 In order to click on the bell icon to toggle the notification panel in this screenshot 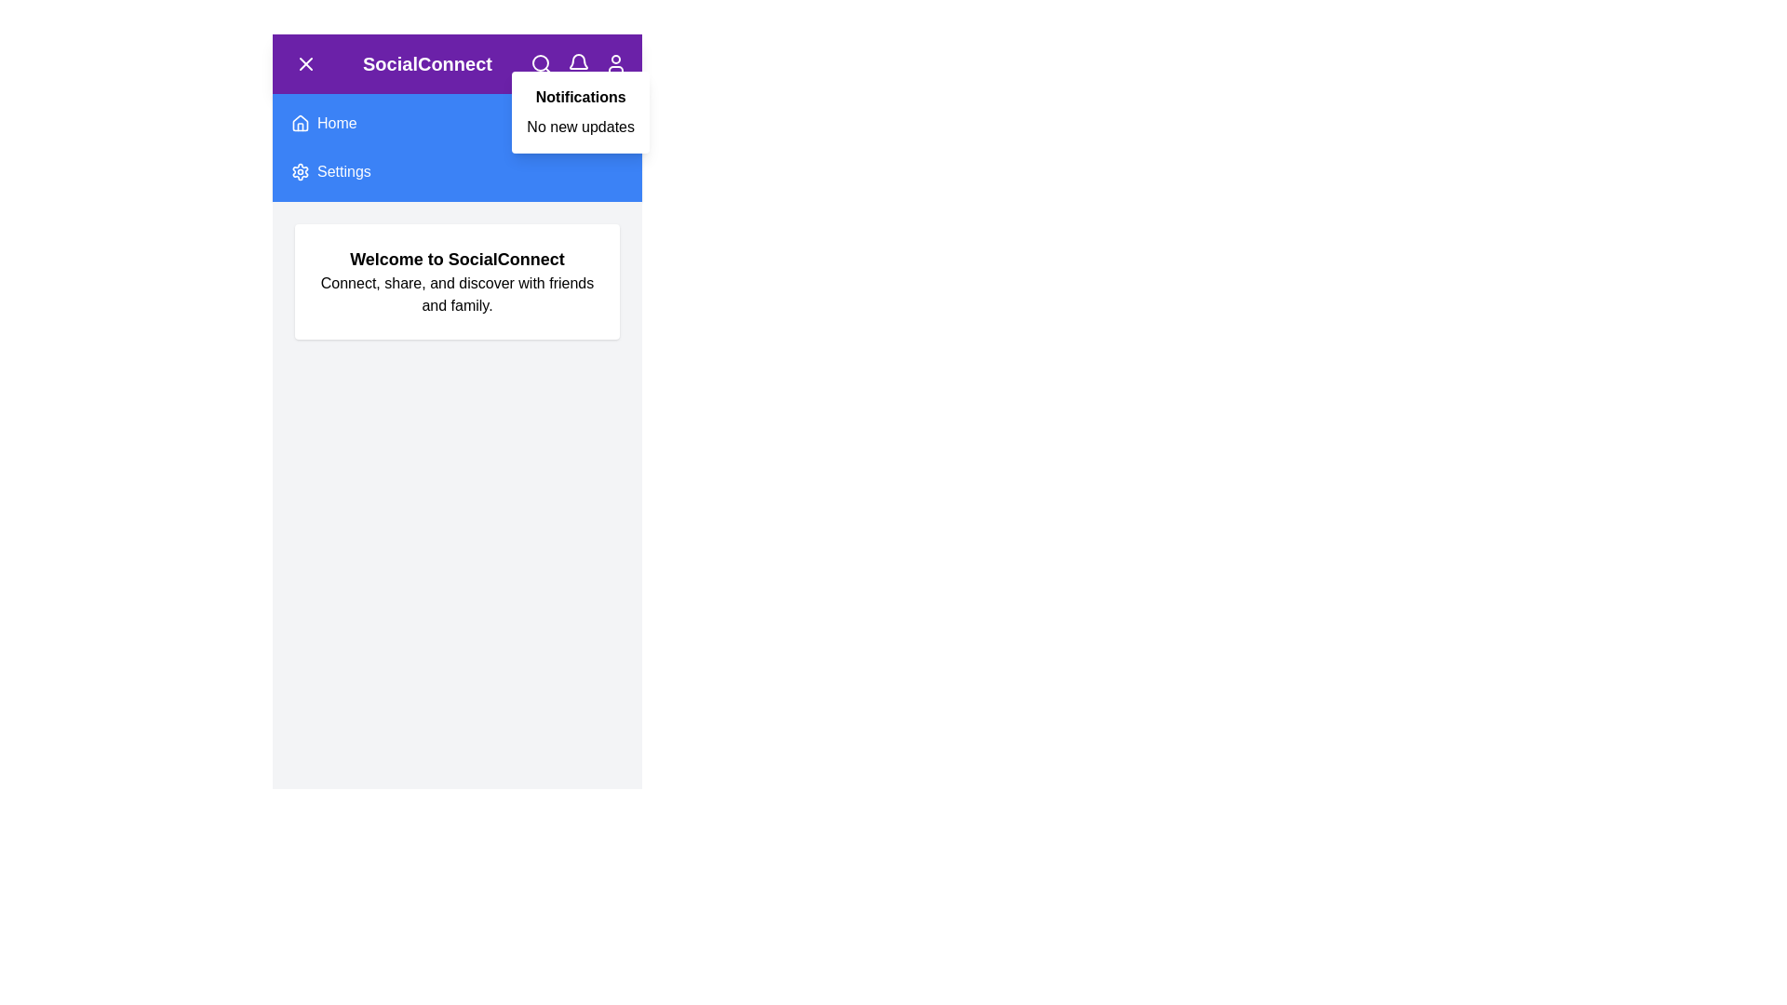, I will do `click(577, 63)`.